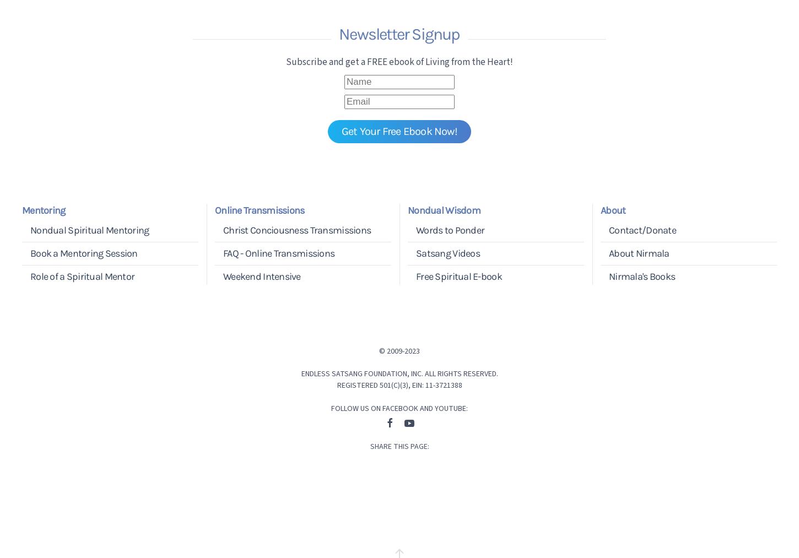 This screenshot has height=558, width=799. I want to click on 'About', so click(612, 209).